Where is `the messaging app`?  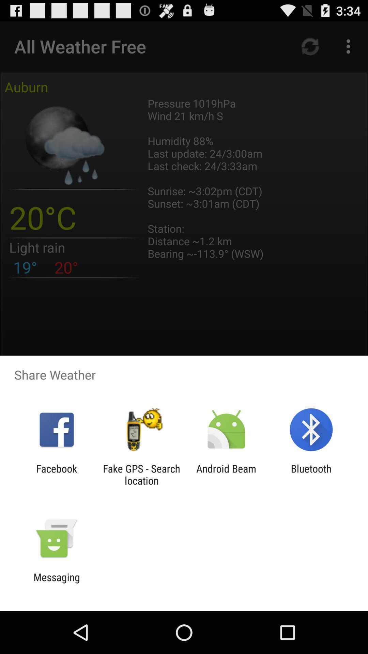
the messaging app is located at coordinates (56, 583).